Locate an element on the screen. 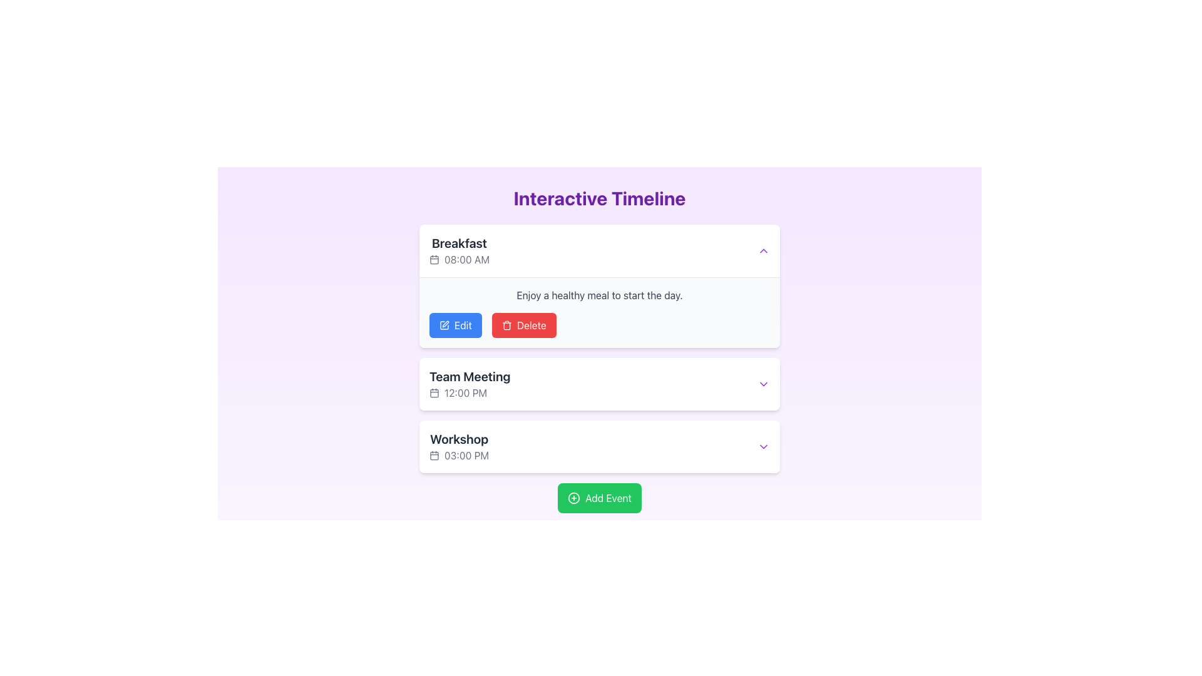 This screenshot has height=676, width=1202. the collapse button located at the far-right end of the 'Breakfast' task card to hide the detailed content is located at coordinates (763, 251).